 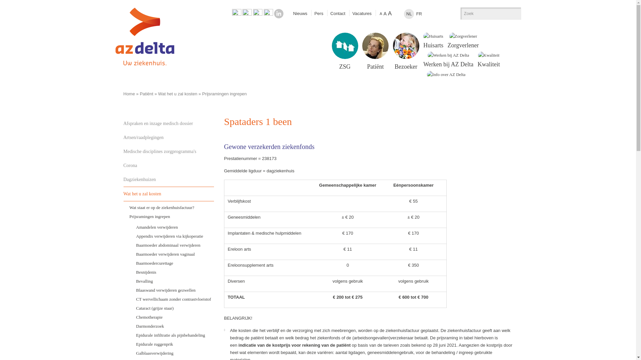 I want to click on 'Pers', so click(x=318, y=13).